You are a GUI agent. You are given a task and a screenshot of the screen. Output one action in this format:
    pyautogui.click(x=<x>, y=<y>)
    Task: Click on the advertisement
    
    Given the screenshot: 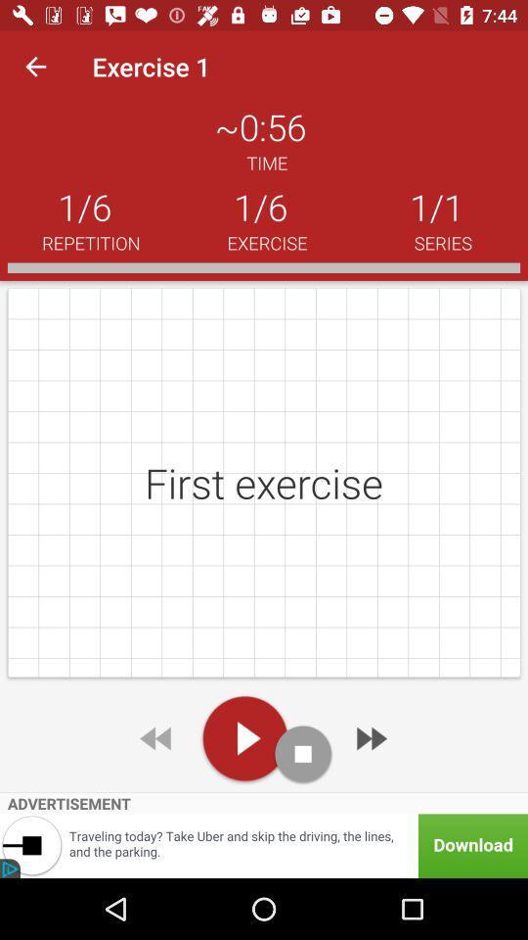 What is the action you would take?
    pyautogui.click(x=264, y=845)
    